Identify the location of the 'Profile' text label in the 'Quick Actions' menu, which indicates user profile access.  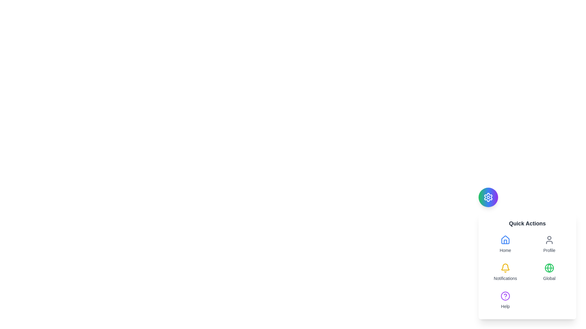
(549, 250).